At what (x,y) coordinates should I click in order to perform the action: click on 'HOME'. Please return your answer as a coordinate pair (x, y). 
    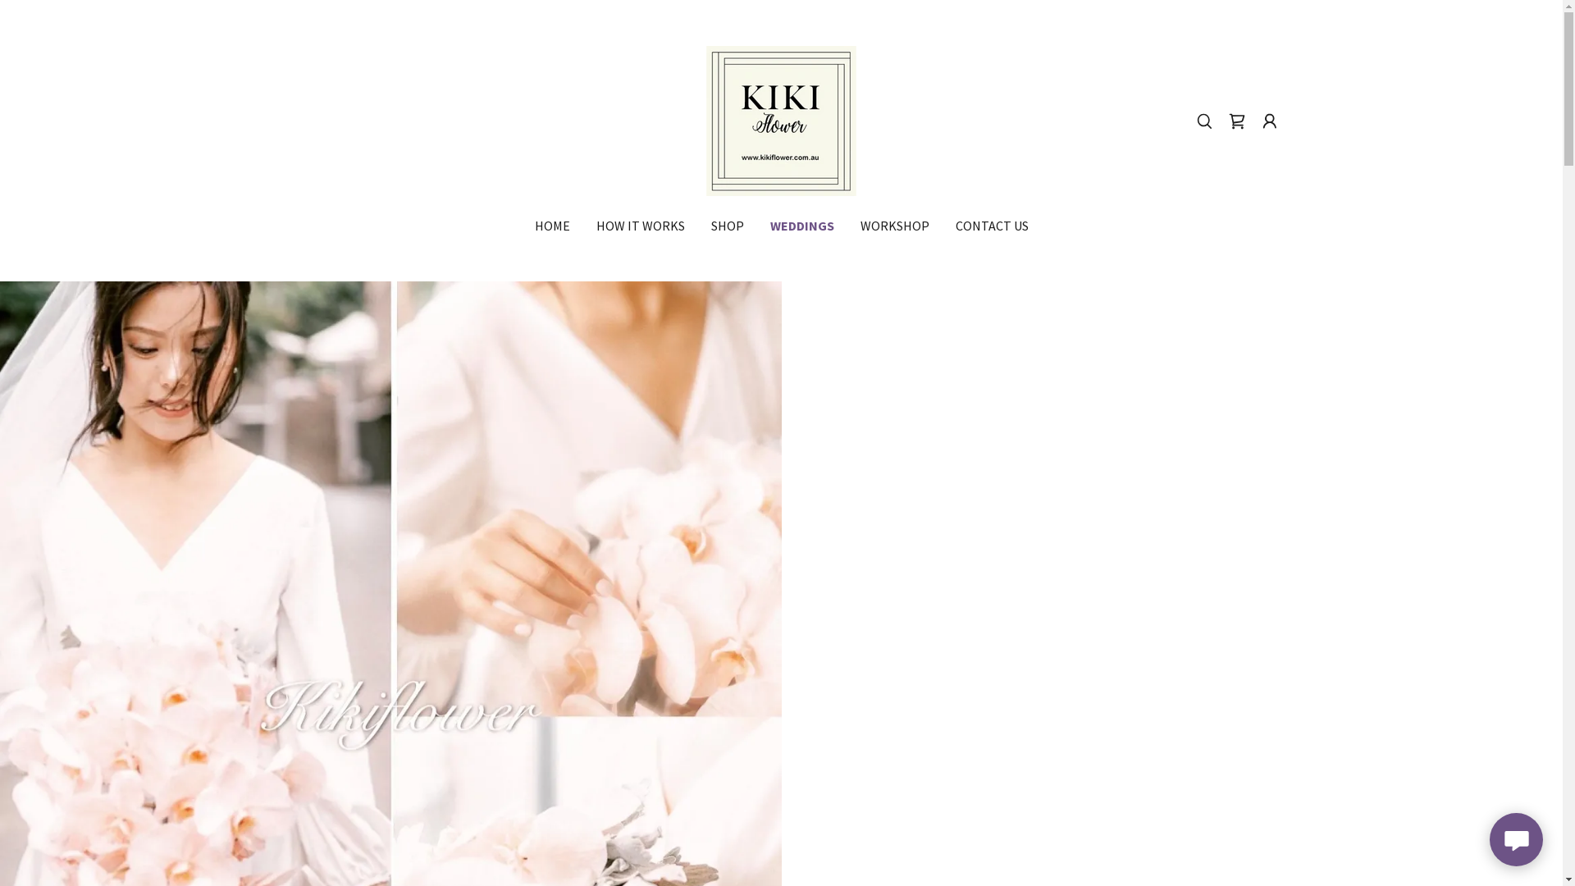
    Looking at the image, I should click on (552, 225).